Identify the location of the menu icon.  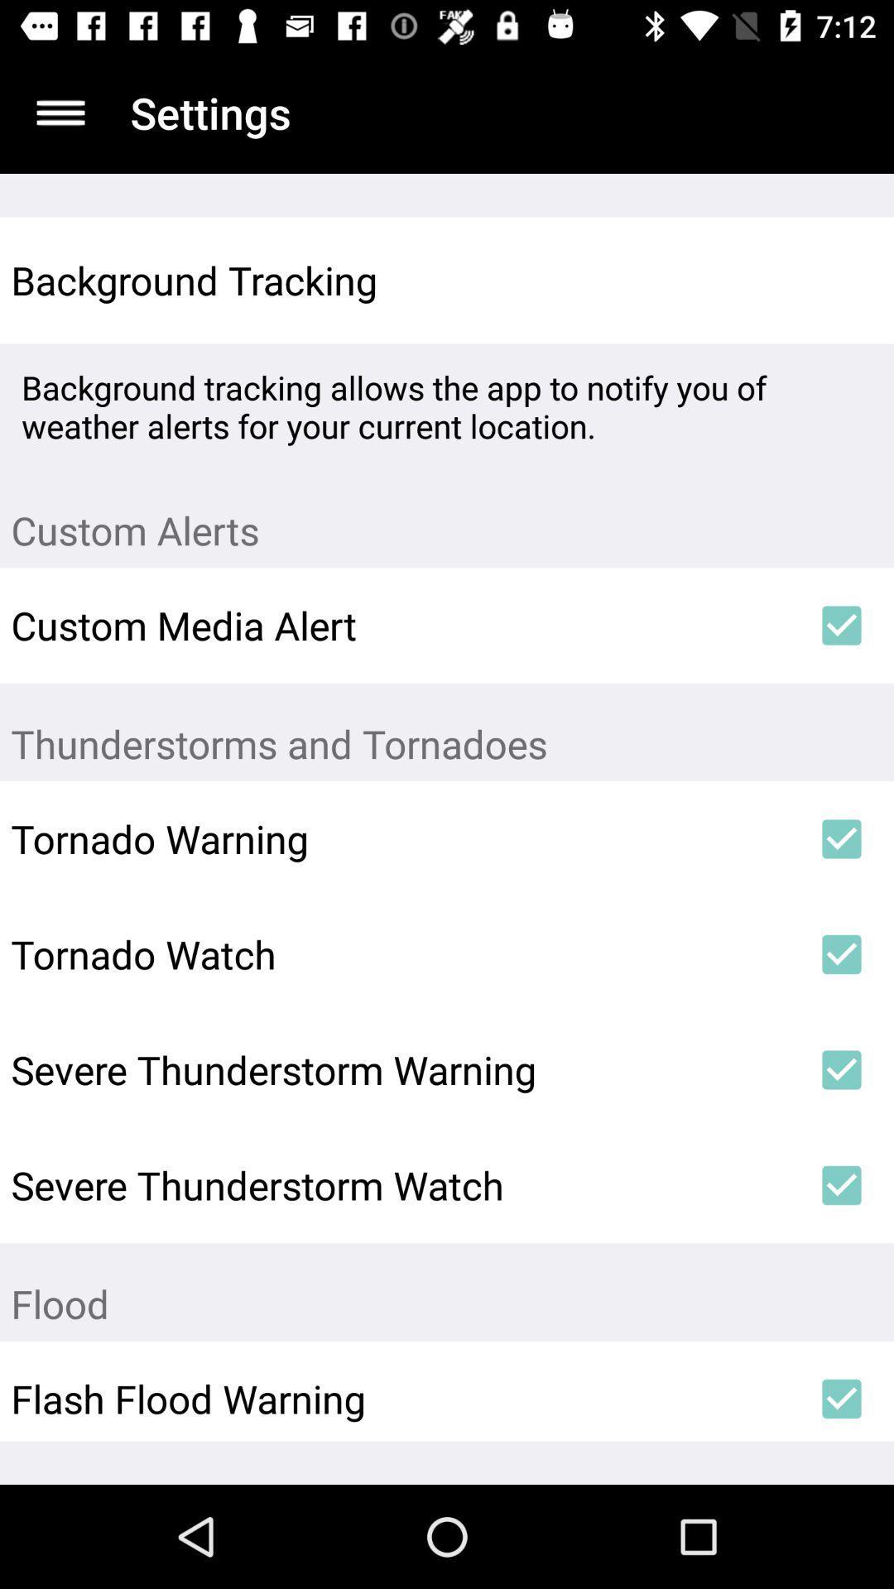
(60, 112).